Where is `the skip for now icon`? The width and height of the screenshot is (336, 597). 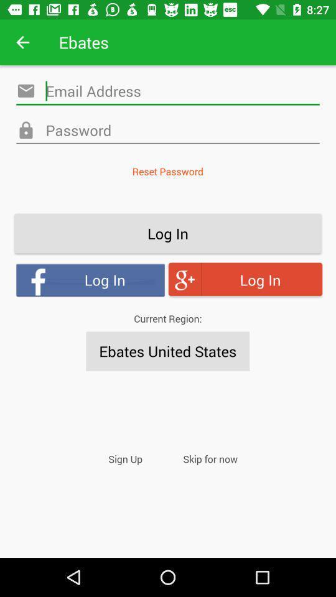 the skip for now icon is located at coordinates (210, 458).